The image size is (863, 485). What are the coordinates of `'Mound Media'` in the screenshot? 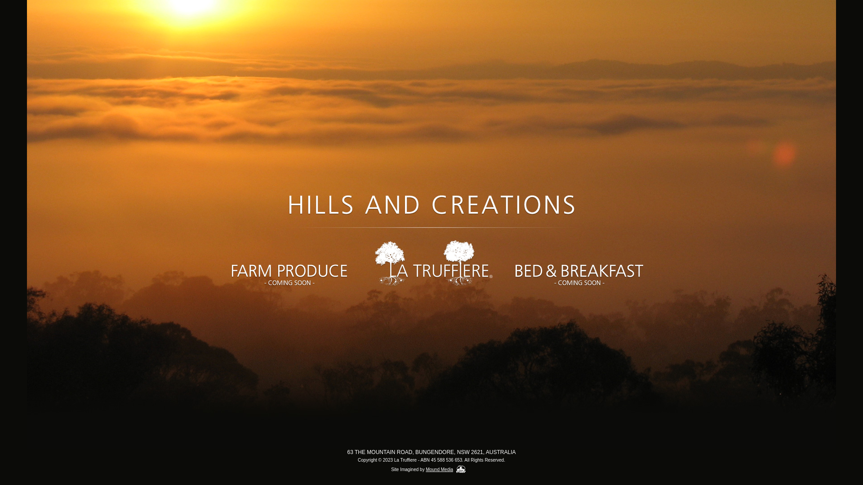 It's located at (461, 469).